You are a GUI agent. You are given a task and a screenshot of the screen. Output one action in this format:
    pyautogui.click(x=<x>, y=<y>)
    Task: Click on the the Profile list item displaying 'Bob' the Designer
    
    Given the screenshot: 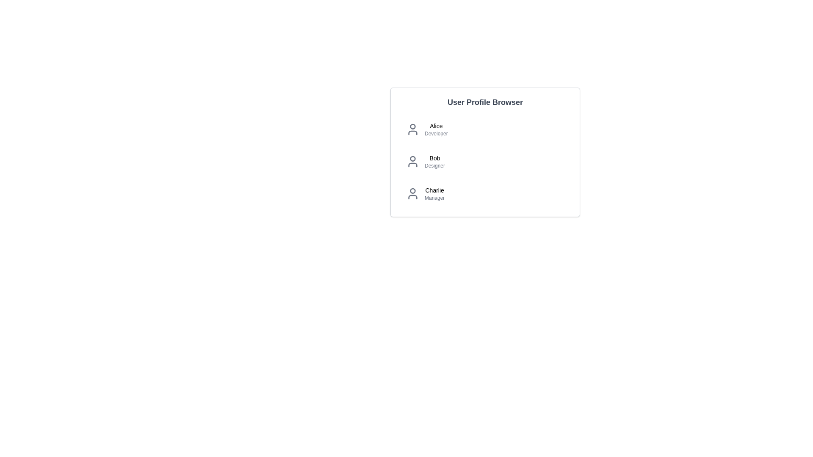 What is the action you would take?
    pyautogui.click(x=485, y=161)
    